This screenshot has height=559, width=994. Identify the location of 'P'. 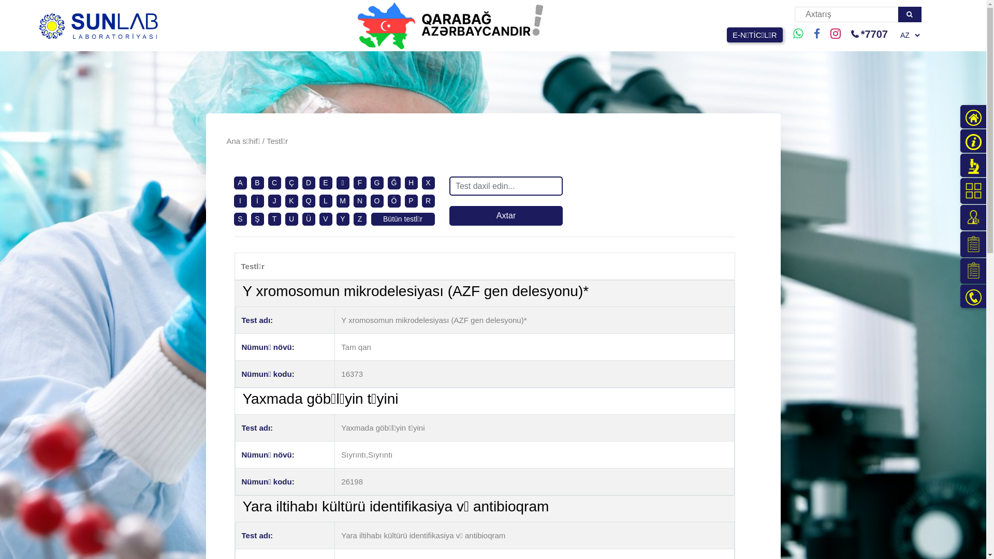
(410, 201).